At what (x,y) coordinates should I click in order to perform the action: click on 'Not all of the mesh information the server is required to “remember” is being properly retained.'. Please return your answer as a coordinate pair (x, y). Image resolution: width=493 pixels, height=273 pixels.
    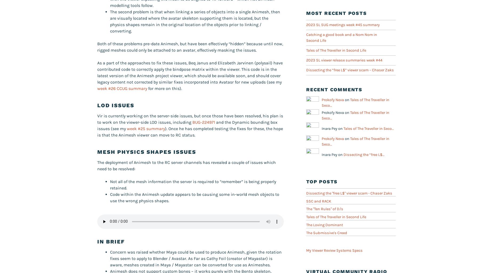
    Looking at the image, I should click on (193, 184).